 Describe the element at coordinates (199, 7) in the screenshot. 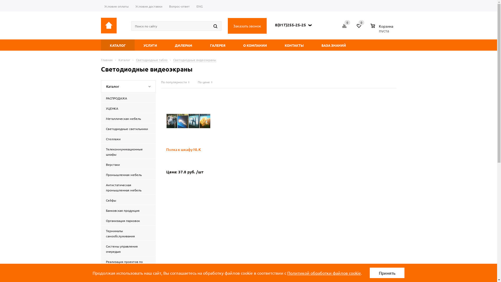

I see `'ENG'` at that location.